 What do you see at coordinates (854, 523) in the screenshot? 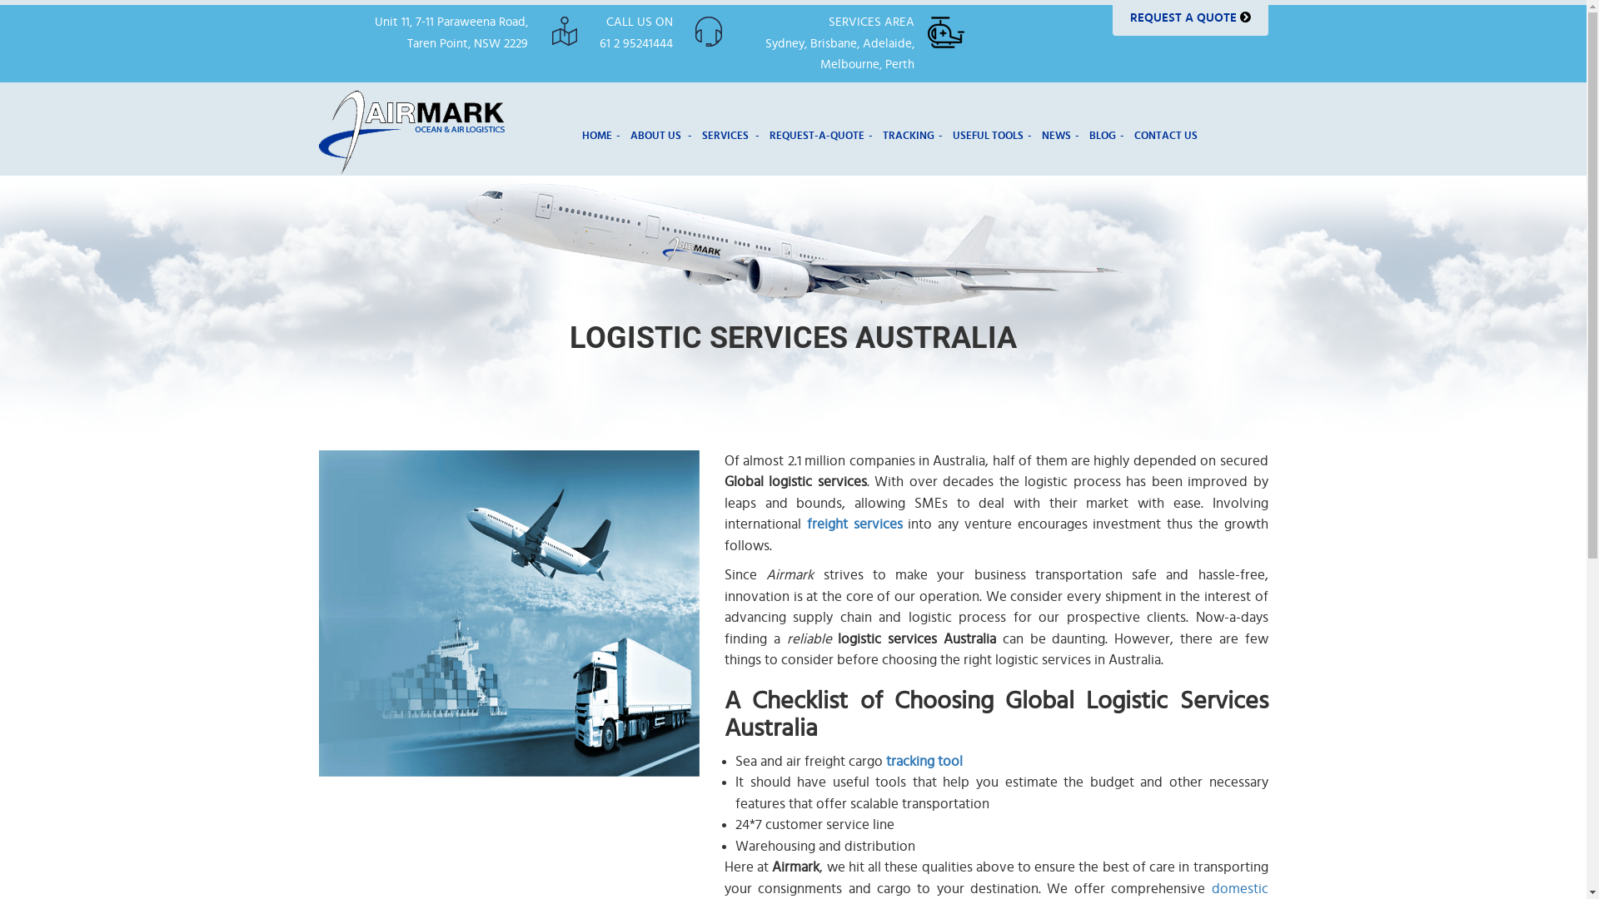
I see `'freight services'` at bounding box center [854, 523].